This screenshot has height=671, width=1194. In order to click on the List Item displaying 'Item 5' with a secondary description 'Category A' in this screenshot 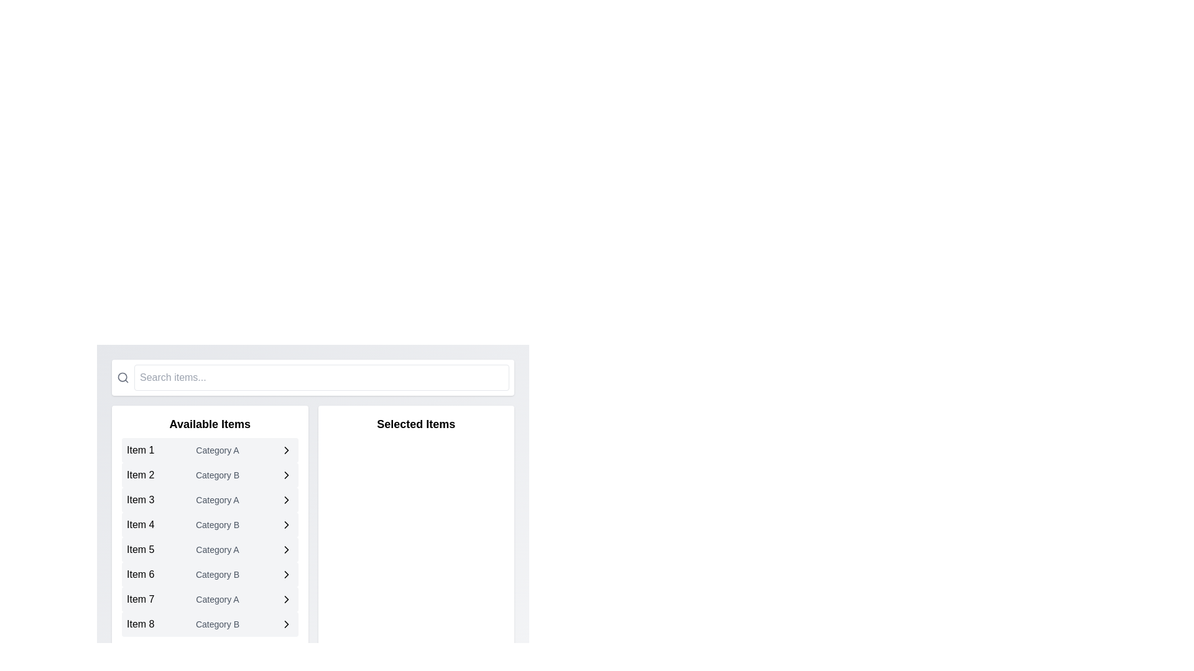, I will do `click(210, 549)`.